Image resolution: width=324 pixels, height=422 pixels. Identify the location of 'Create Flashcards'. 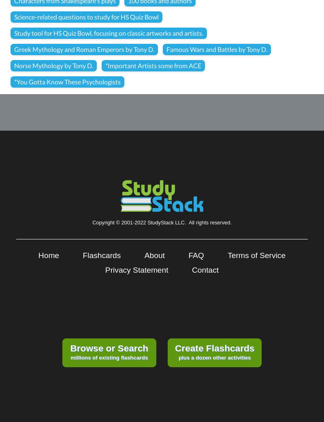
(214, 348).